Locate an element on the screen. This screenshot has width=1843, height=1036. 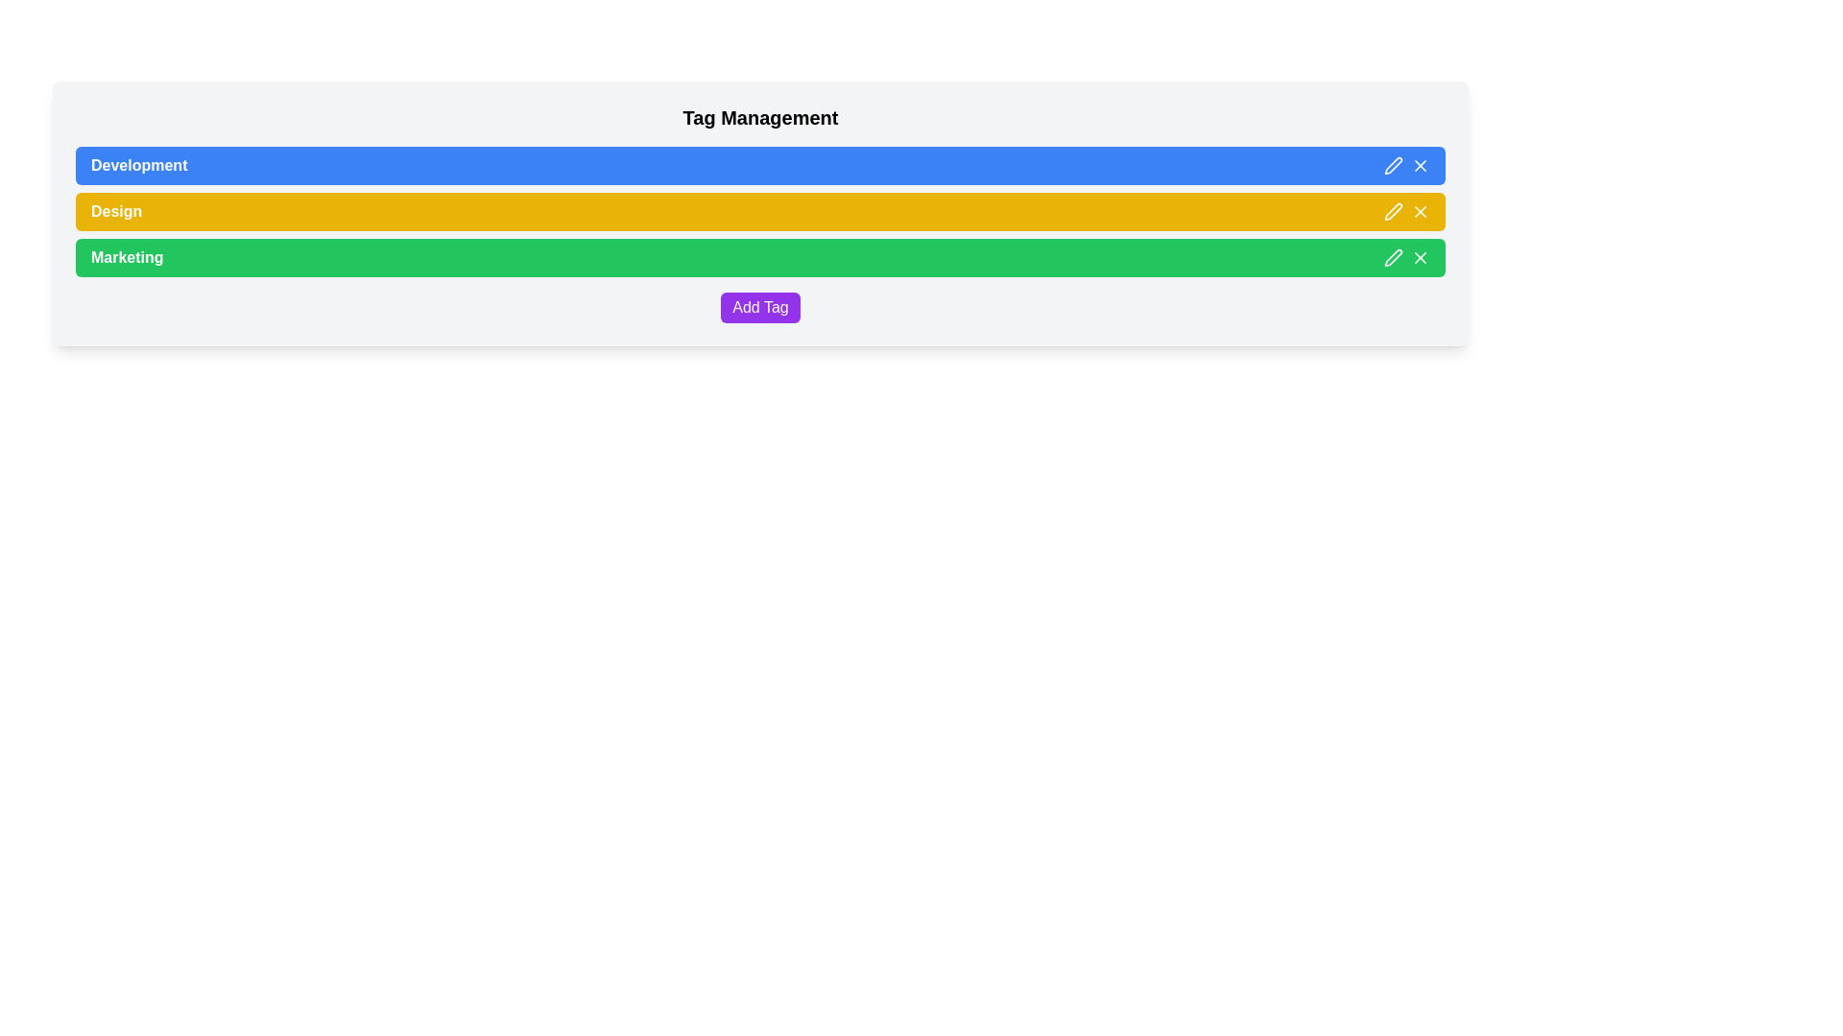
the delete icon located within the green 'Marketing' row at the bottom-right corner is located at coordinates (1420, 257).